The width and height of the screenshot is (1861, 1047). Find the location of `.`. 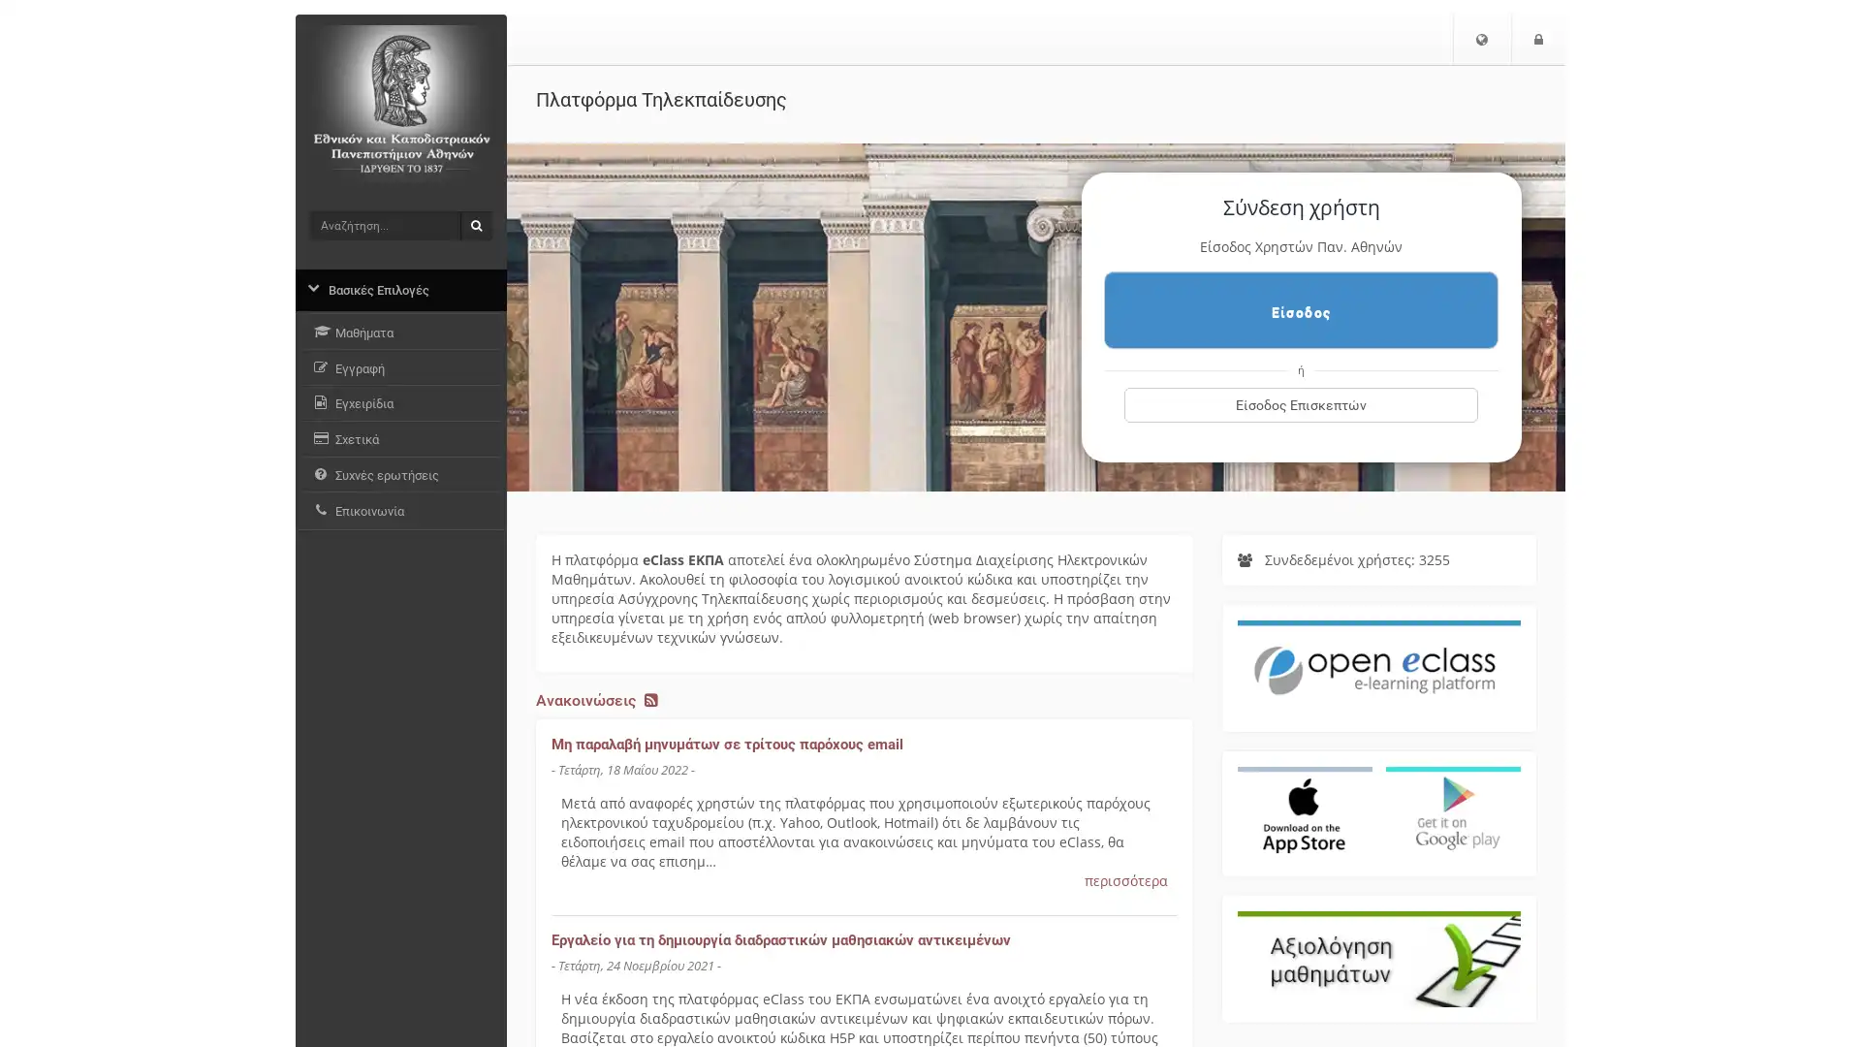

. is located at coordinates (1682, 421).